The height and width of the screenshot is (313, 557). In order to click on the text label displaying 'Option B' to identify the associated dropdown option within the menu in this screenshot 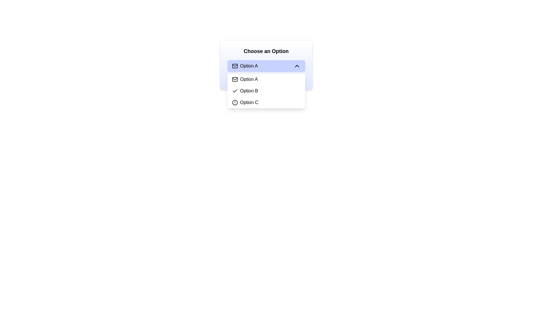, I will do `click(249, 91)`.